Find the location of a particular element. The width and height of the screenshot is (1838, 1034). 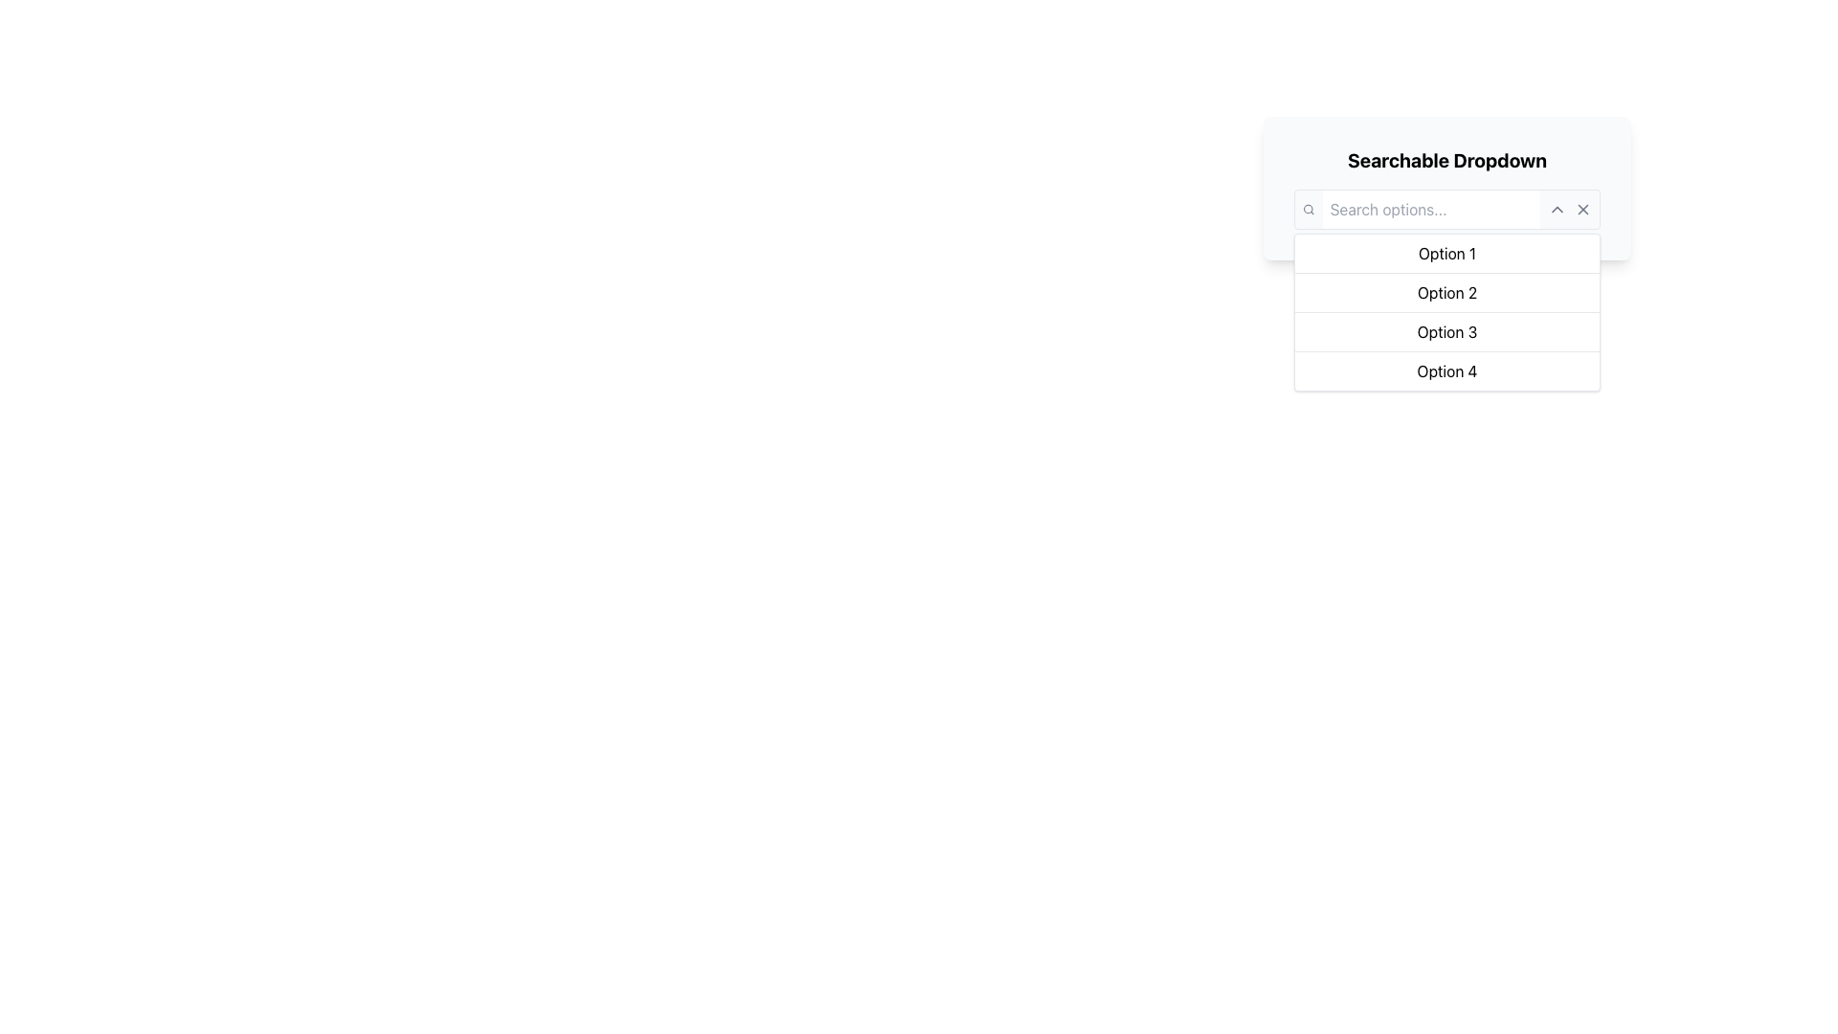

the third row of the dropdown menu labeled 'Option 3' is located at coordinates (1447, 311).